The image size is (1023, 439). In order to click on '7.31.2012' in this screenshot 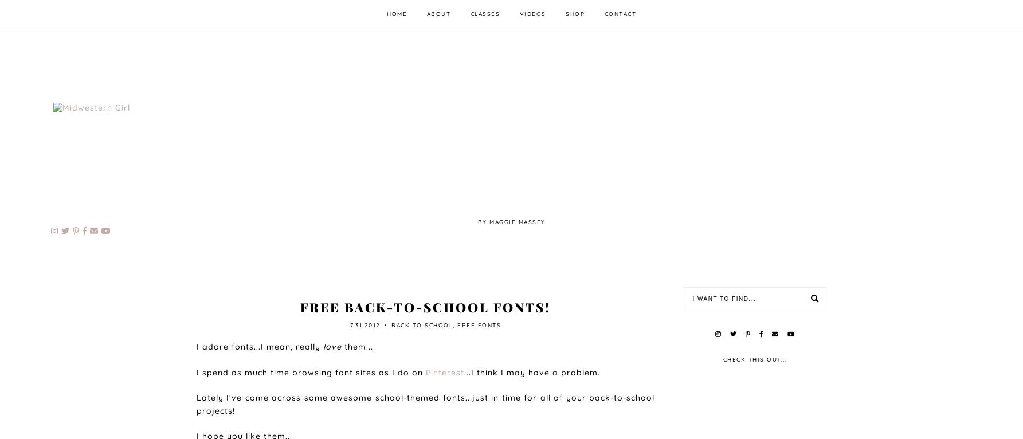, I will do `click(350, 324)`.